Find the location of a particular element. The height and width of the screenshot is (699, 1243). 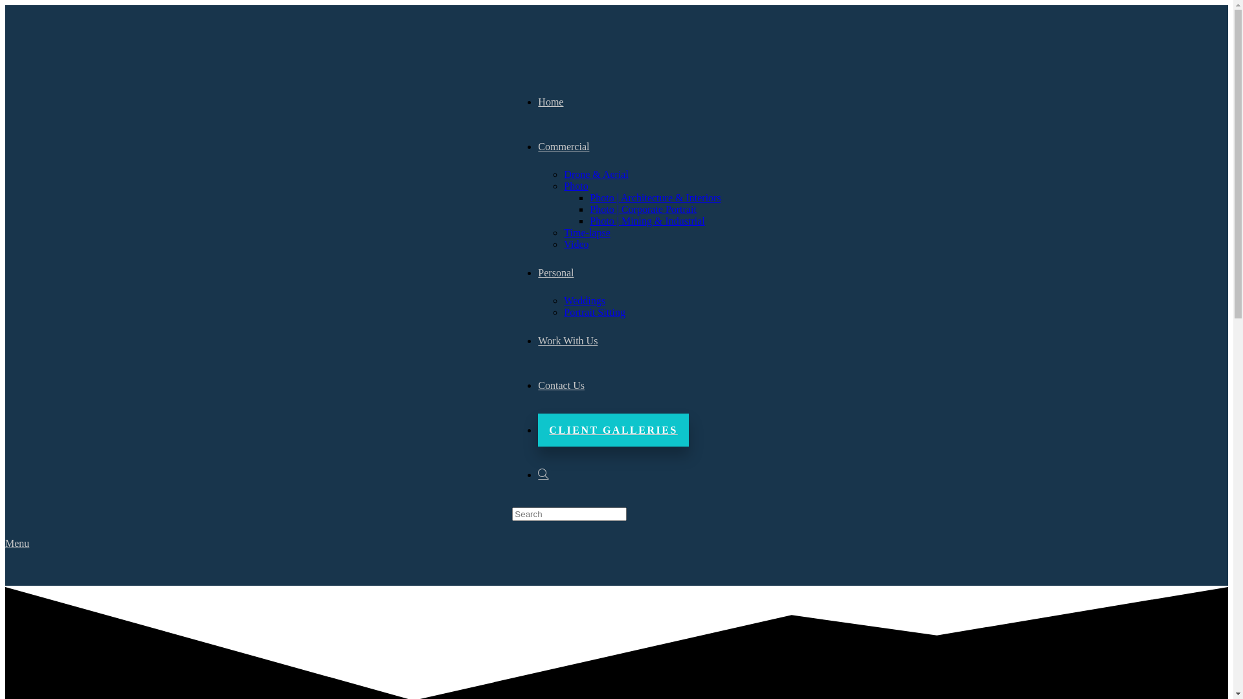

'Drone & Aerial' is located at coordinates (596, 173).